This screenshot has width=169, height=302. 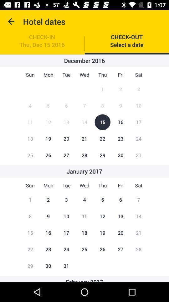 What do you see at coordinates (120, 89) in the screenshot?
I see `the date 2 which is below fri` at bounding box center [120, 89].